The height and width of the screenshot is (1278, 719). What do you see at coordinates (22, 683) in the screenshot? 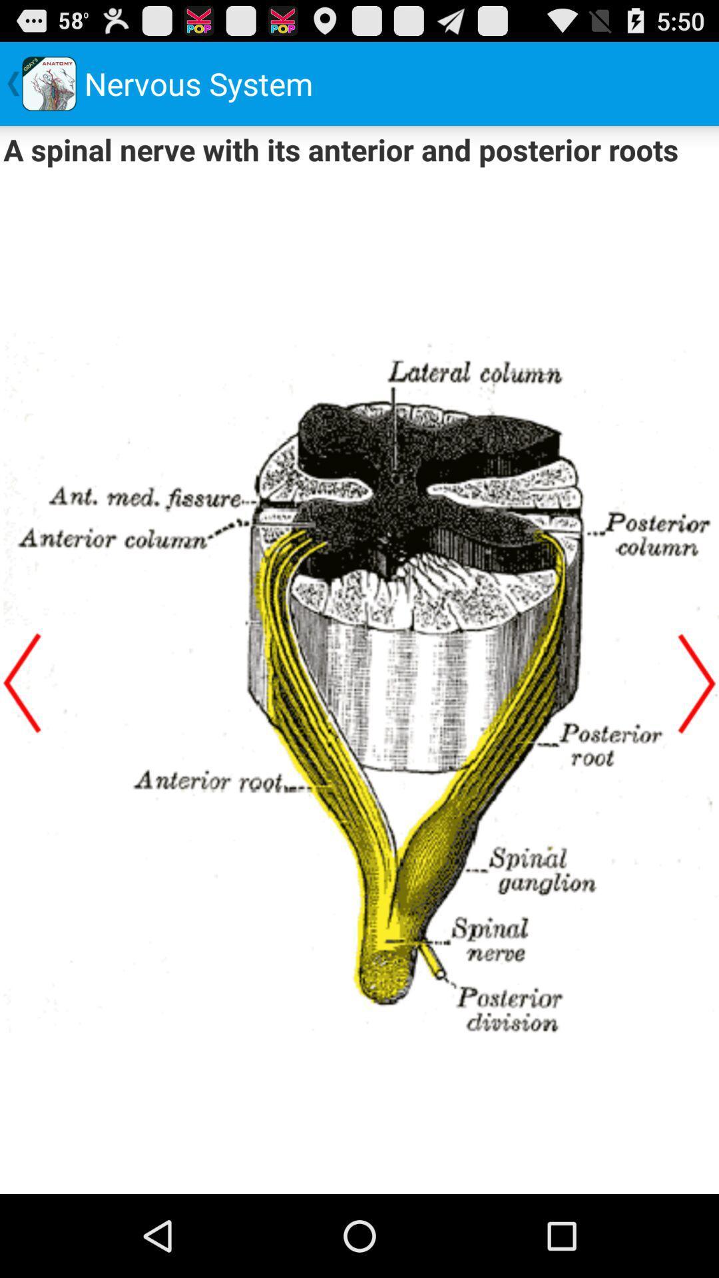
I see `previous page` at bounding box center [22, 683].